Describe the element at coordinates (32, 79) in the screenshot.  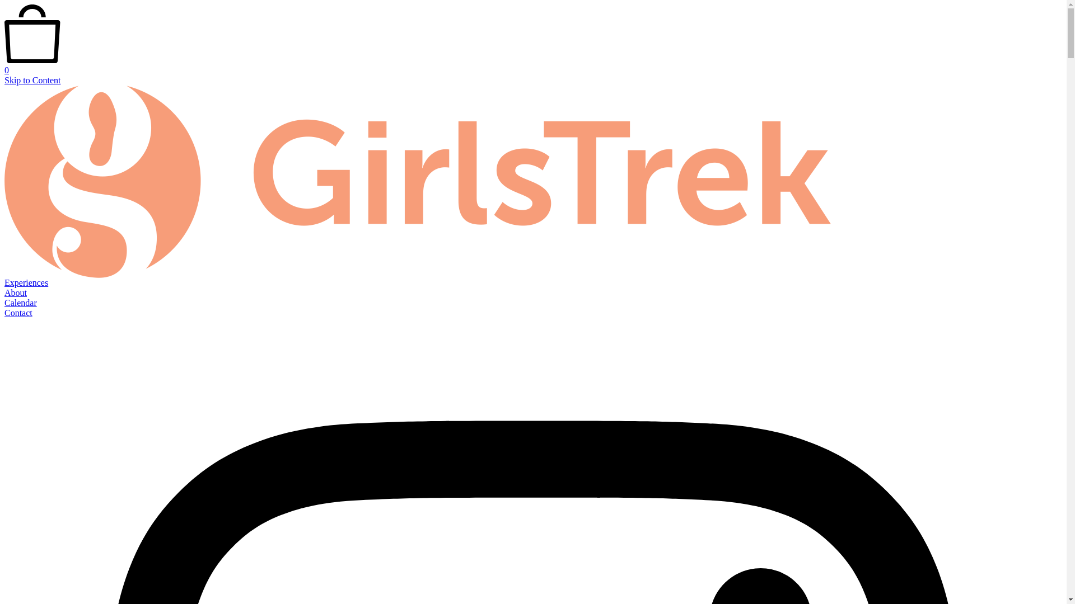
I see `'Skip to Content'` at that location.